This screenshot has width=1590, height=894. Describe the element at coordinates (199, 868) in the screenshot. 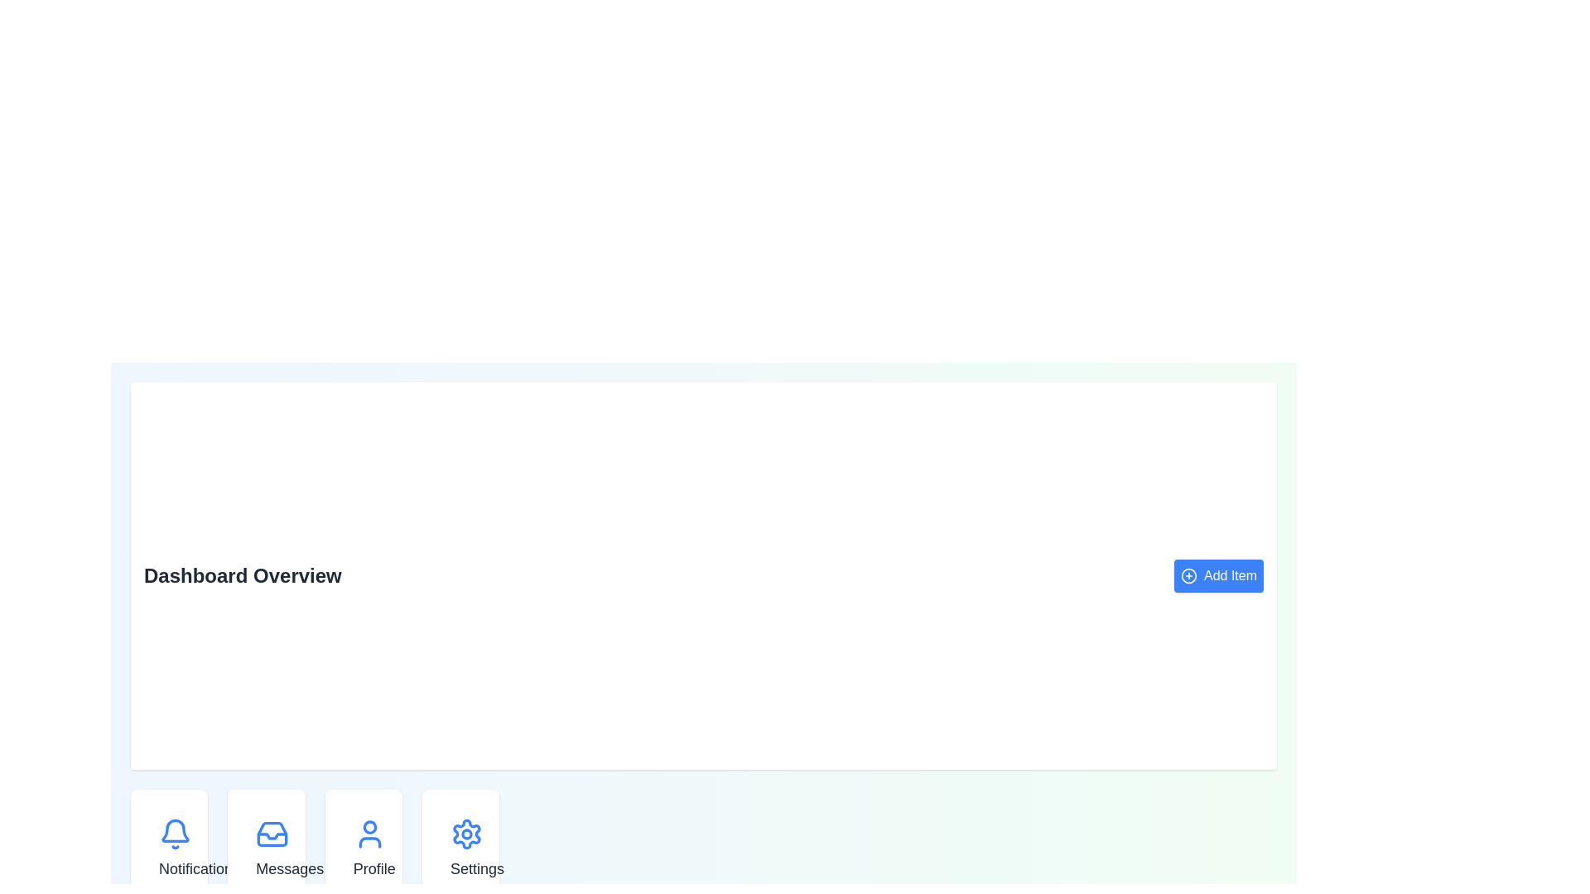

I see `the non-interactive text label that indicates the purpose of the notifications section, located below the bell icon in the horizontal navigation menu` at that location.